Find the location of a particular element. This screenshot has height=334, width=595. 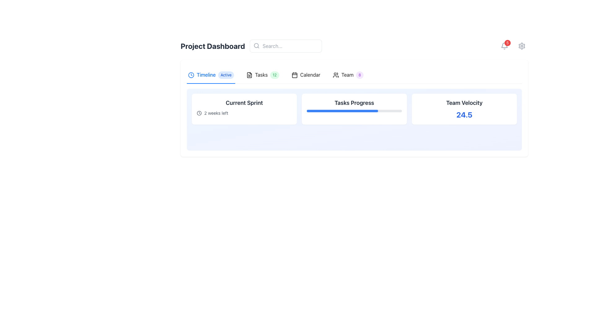

the 'Team' tab in the navigation bar is located at coordinates (348, 75).